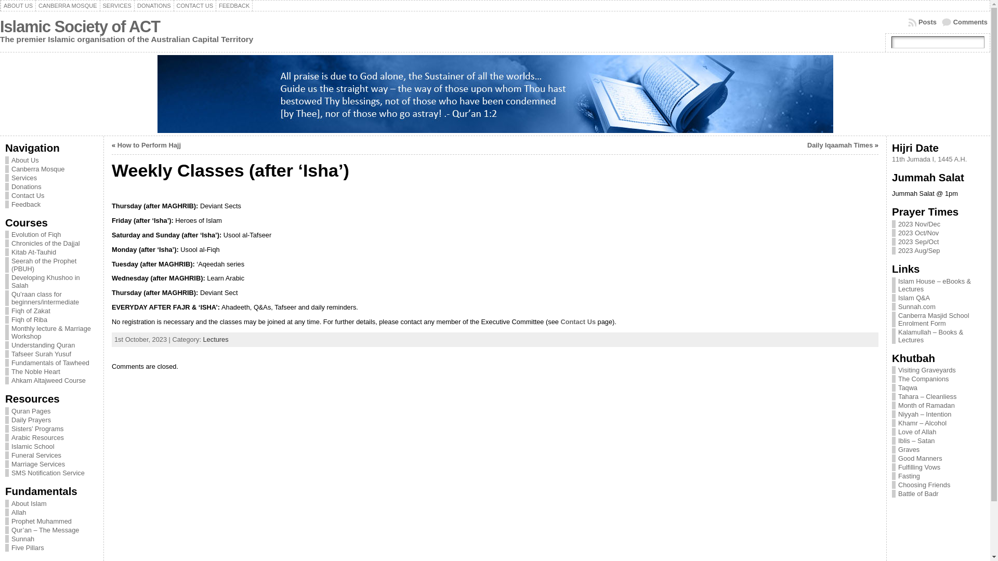 The height and width of the screenshot is (561, 998). Describe the element at coordinates (51, 546) in the screenshot. I see `'Five Pillars'` at that location.